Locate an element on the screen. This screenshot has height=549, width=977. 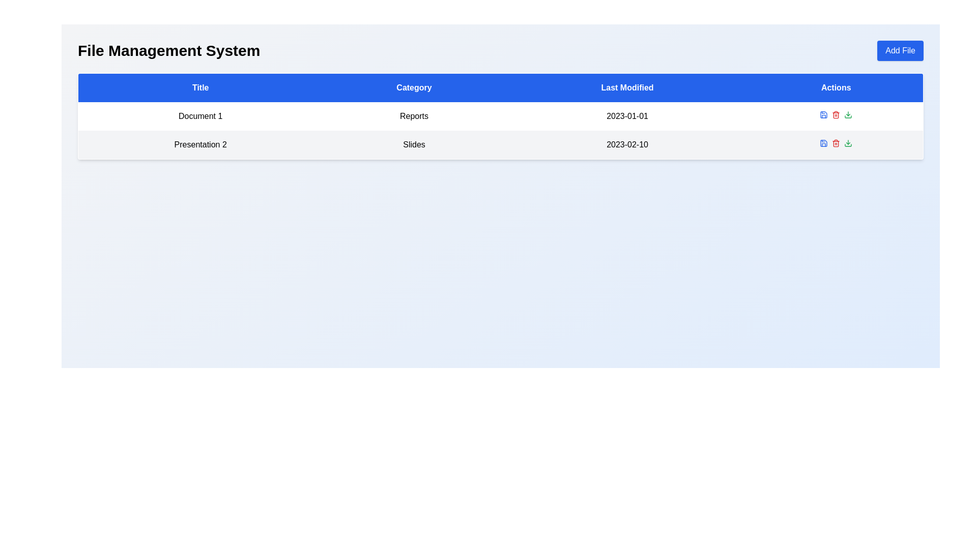
the third action icon button in the Actions column of the table row is located at coordinates (848, 143).